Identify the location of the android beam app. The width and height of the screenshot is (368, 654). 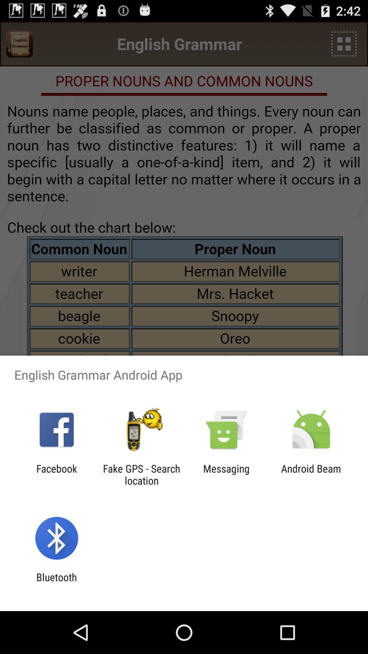
(311, 474).